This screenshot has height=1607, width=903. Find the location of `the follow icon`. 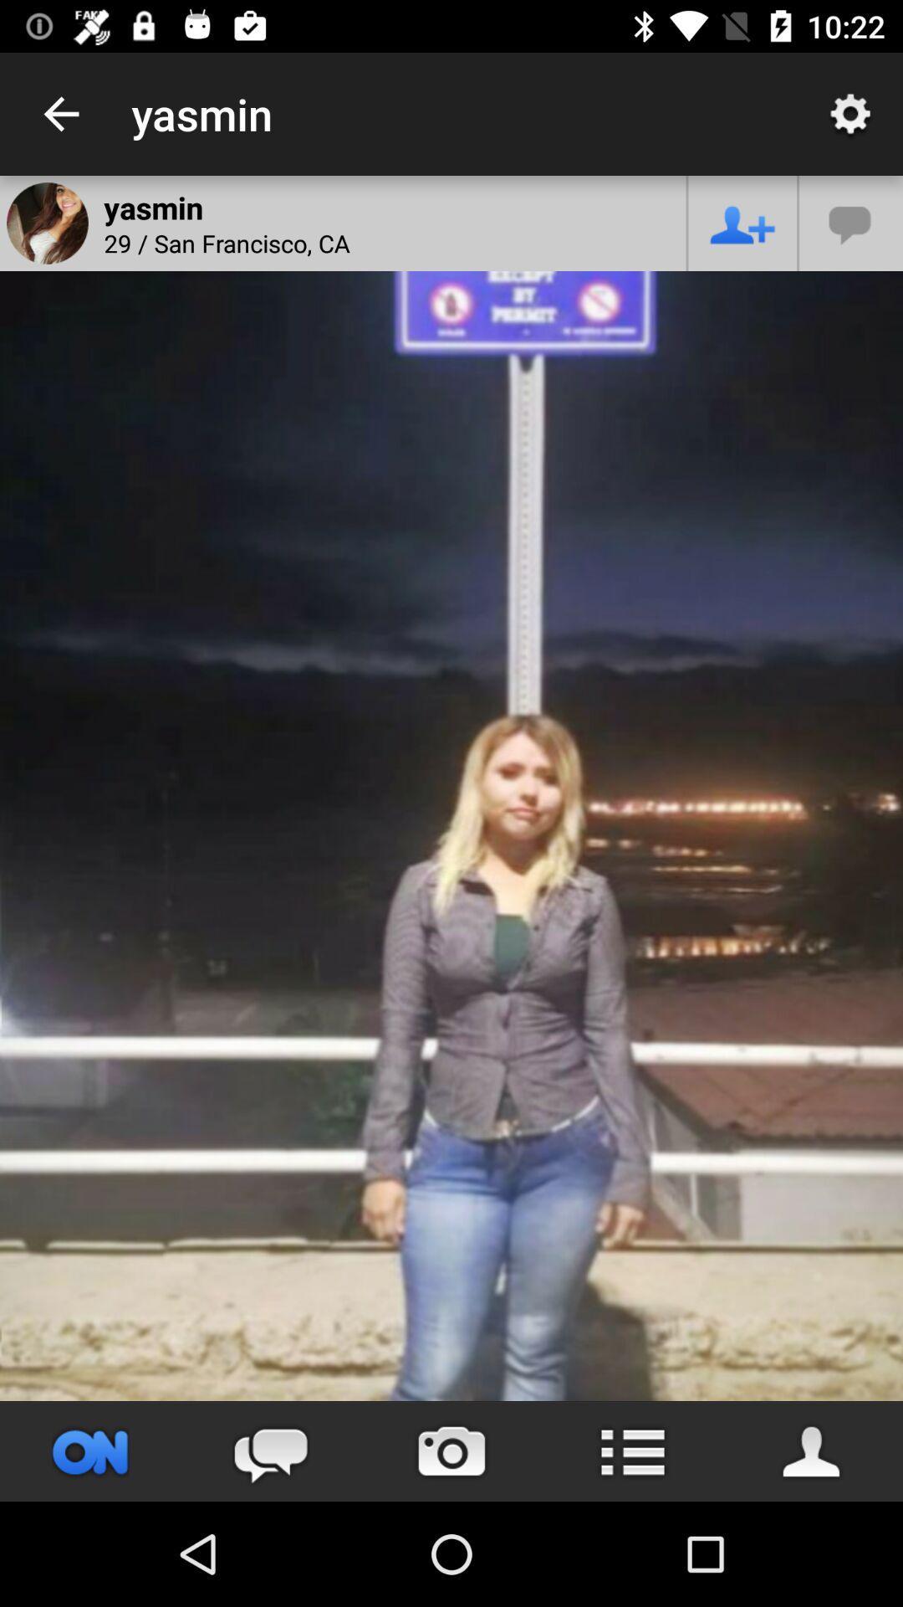

the follow icon is located at coordinates (740, 222).